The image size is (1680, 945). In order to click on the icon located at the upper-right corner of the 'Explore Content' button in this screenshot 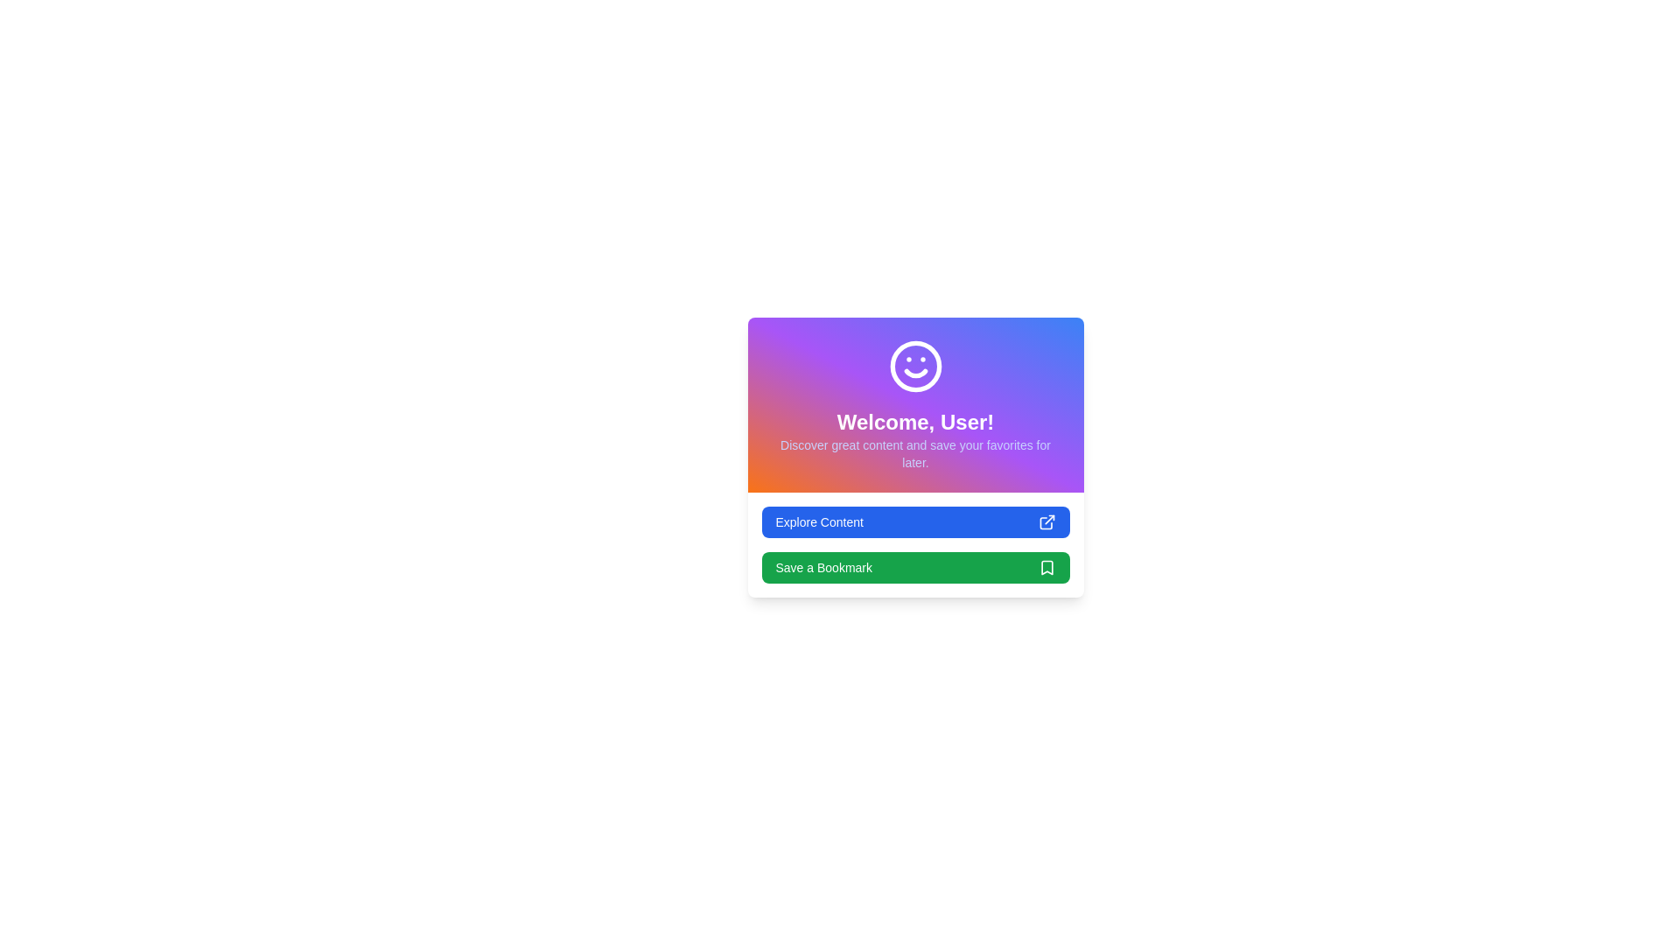, I will do `click(1046, 521)`.